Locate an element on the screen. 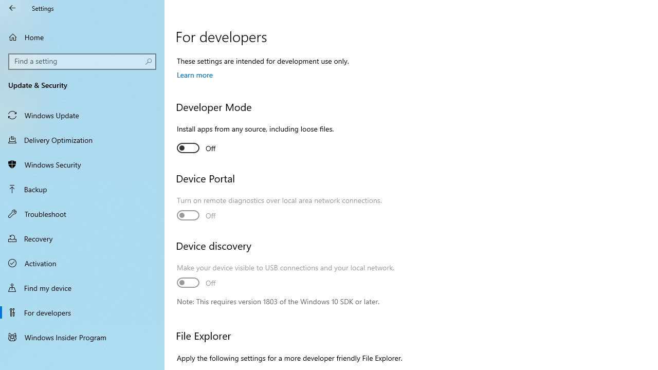 The image size is (658, 370). 'Activation' is located at coordinates (82, 262).